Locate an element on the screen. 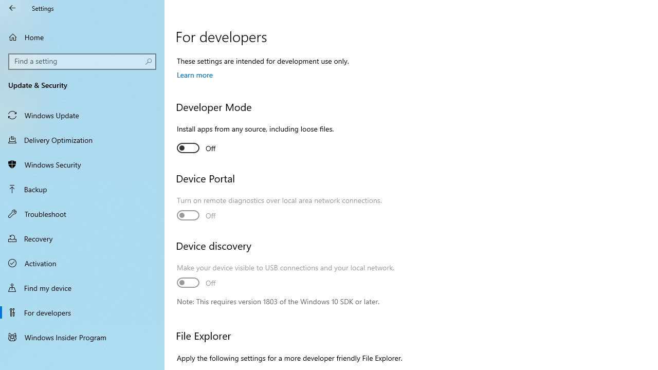 The image size is (658, 370). 'Activation' is located at coordinates (82, 262).